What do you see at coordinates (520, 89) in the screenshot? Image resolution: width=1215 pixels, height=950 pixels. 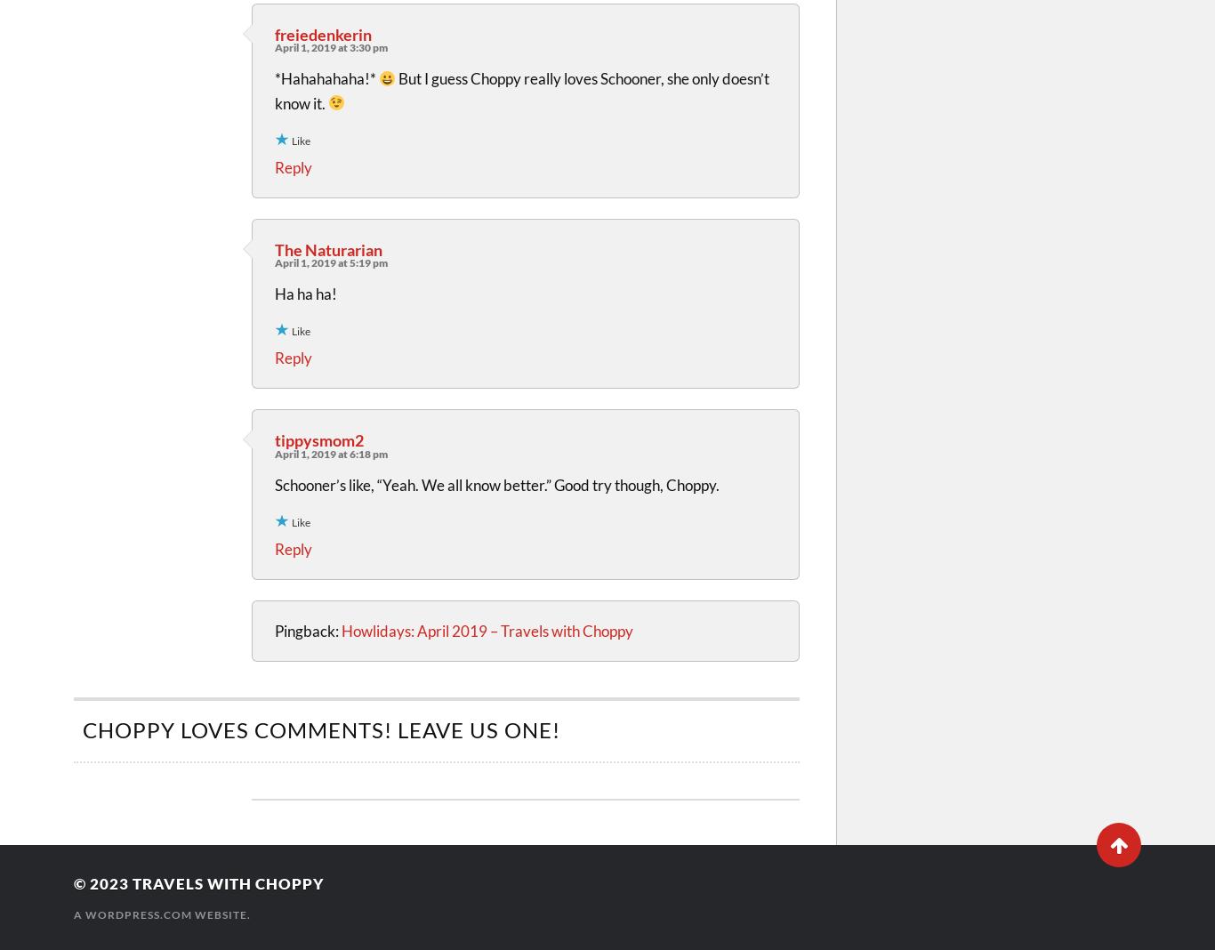 I see `'But I guess Choppy really loves Schooner, she only doesn’t know it.'` at bounding box center [520, 89].